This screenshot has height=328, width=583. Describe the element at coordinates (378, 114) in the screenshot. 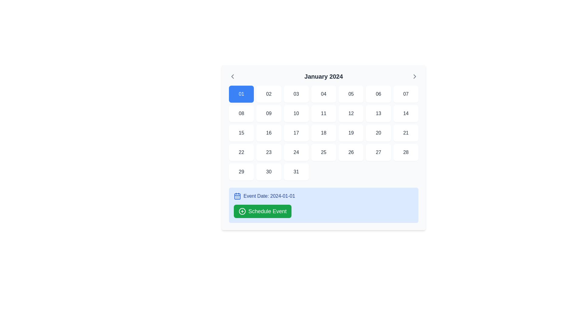

I see `the rectangular button displaying the number '13' in black text, located in the January 2024 calendar grid` at that location.